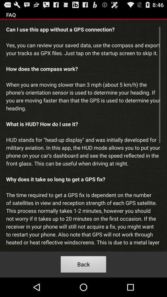 Image resolution: width=167 pixels, height=297 pixels. Describe the element at coordinates (83, 265) in the screenshot. I see `button at the bottom` at that location.